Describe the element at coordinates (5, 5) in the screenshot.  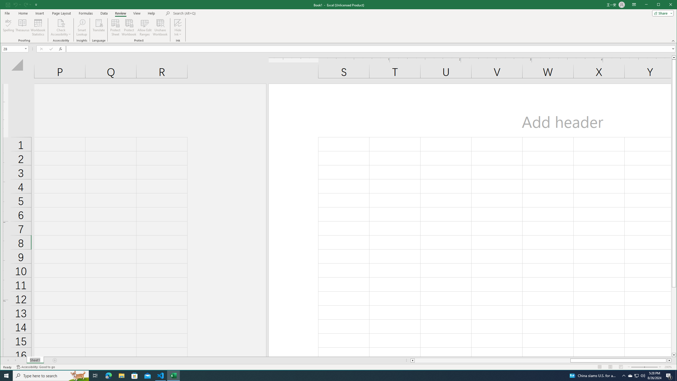
I see `'System'` at that location.